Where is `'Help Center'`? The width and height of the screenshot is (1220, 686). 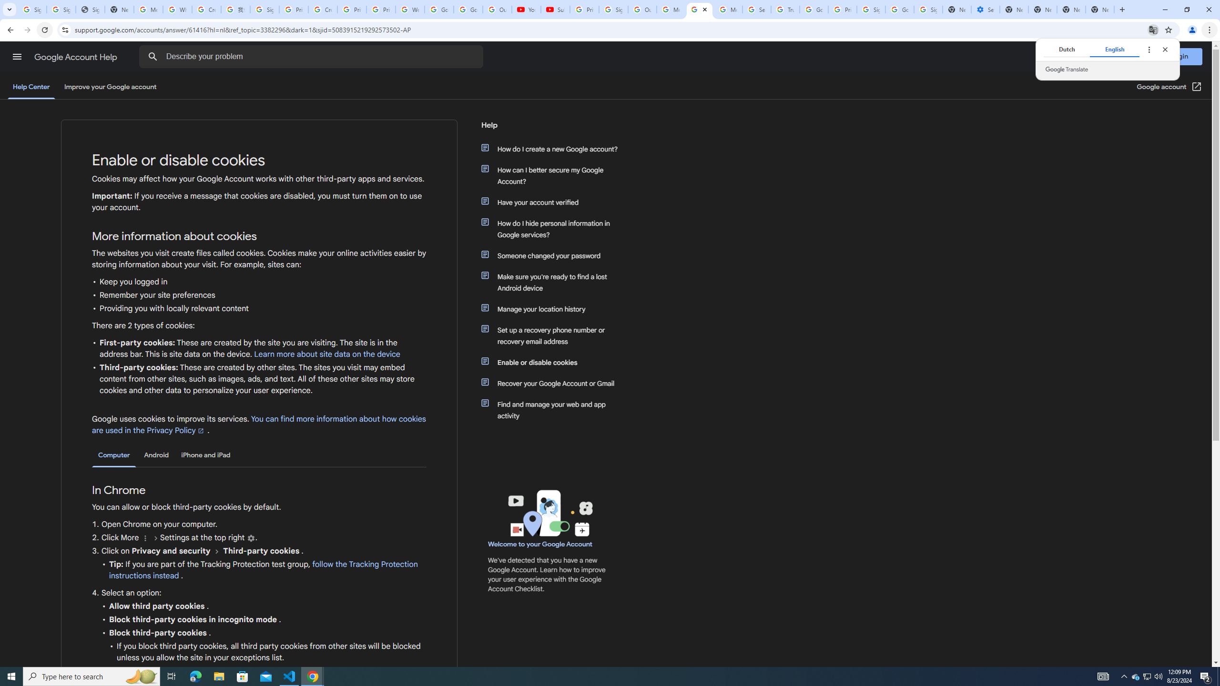 'Help Center' is located at coordinates (31, 86).